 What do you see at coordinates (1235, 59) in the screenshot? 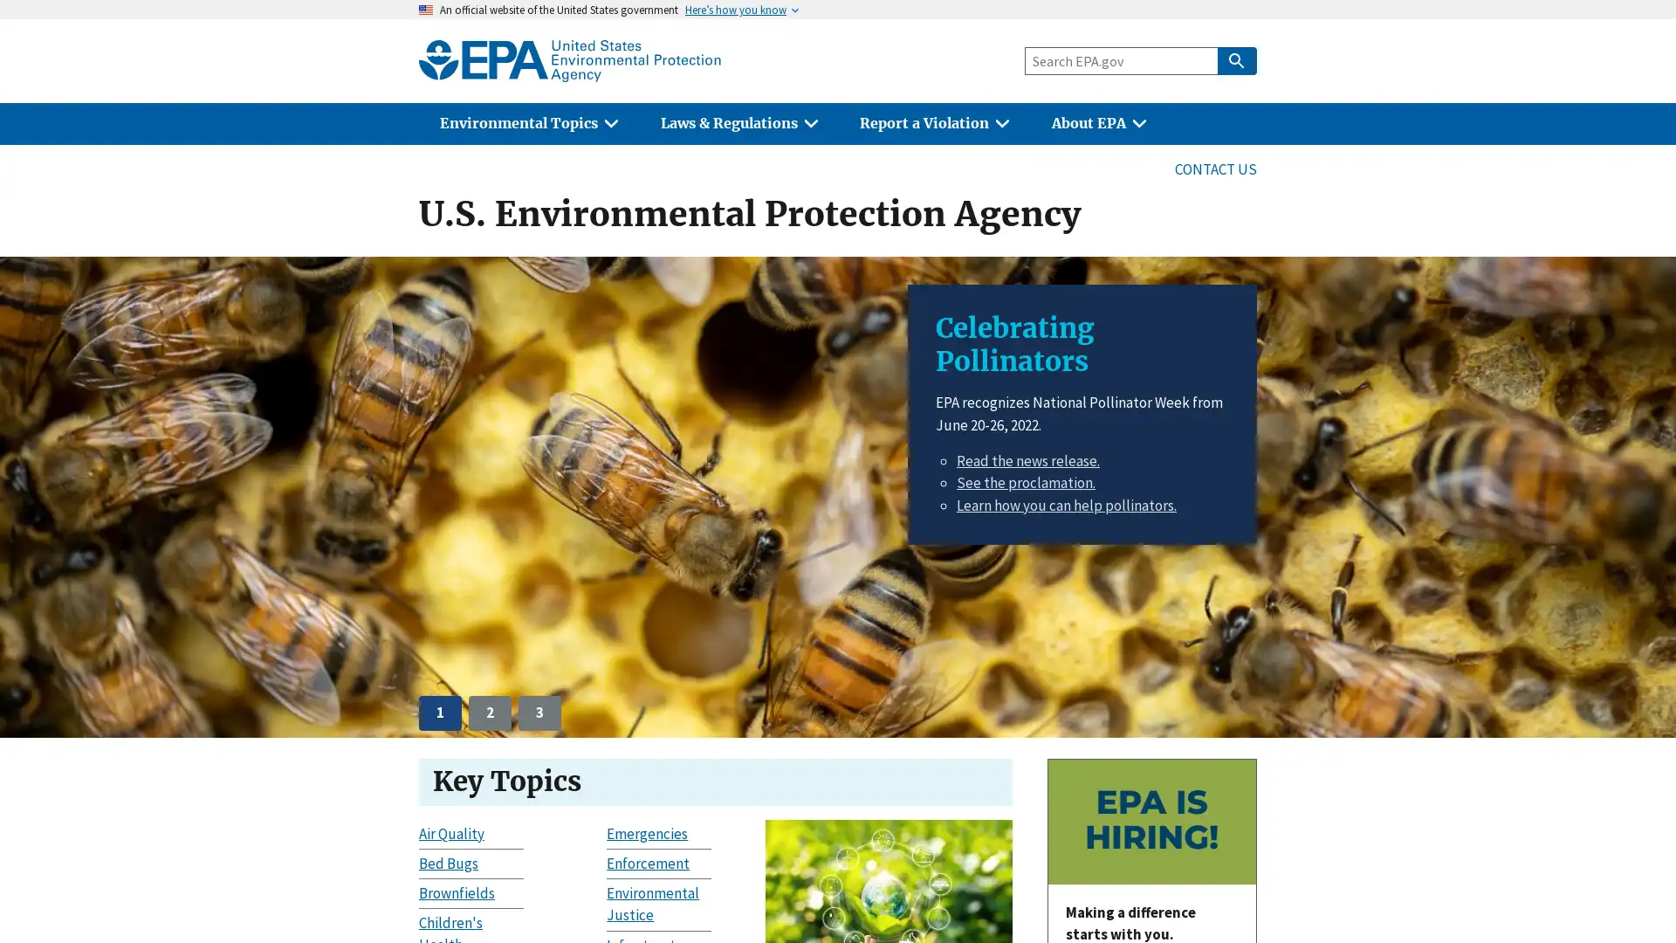
I see `Search` at bounding box center [1235, 59].